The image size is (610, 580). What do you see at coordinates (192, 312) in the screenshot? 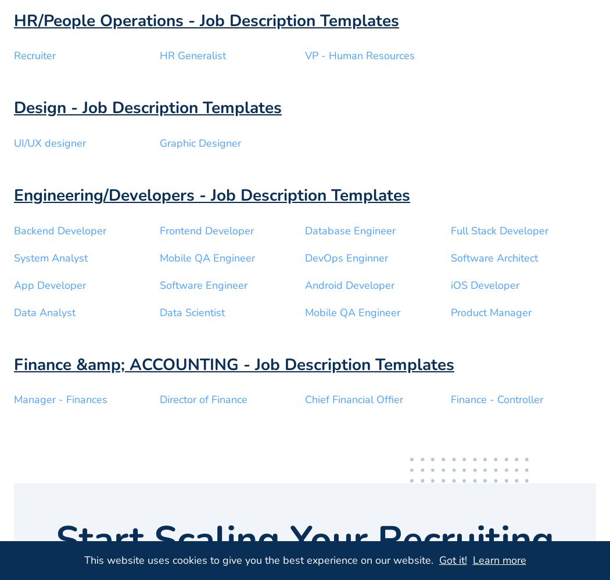
I see `'Data Scientist'` at bounding box center [192, 312].